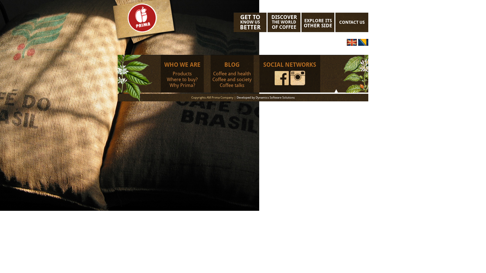 The image size is (486, 273). I want to click on 'Developed by Dynamics Software Solutions', so click(236, 97).